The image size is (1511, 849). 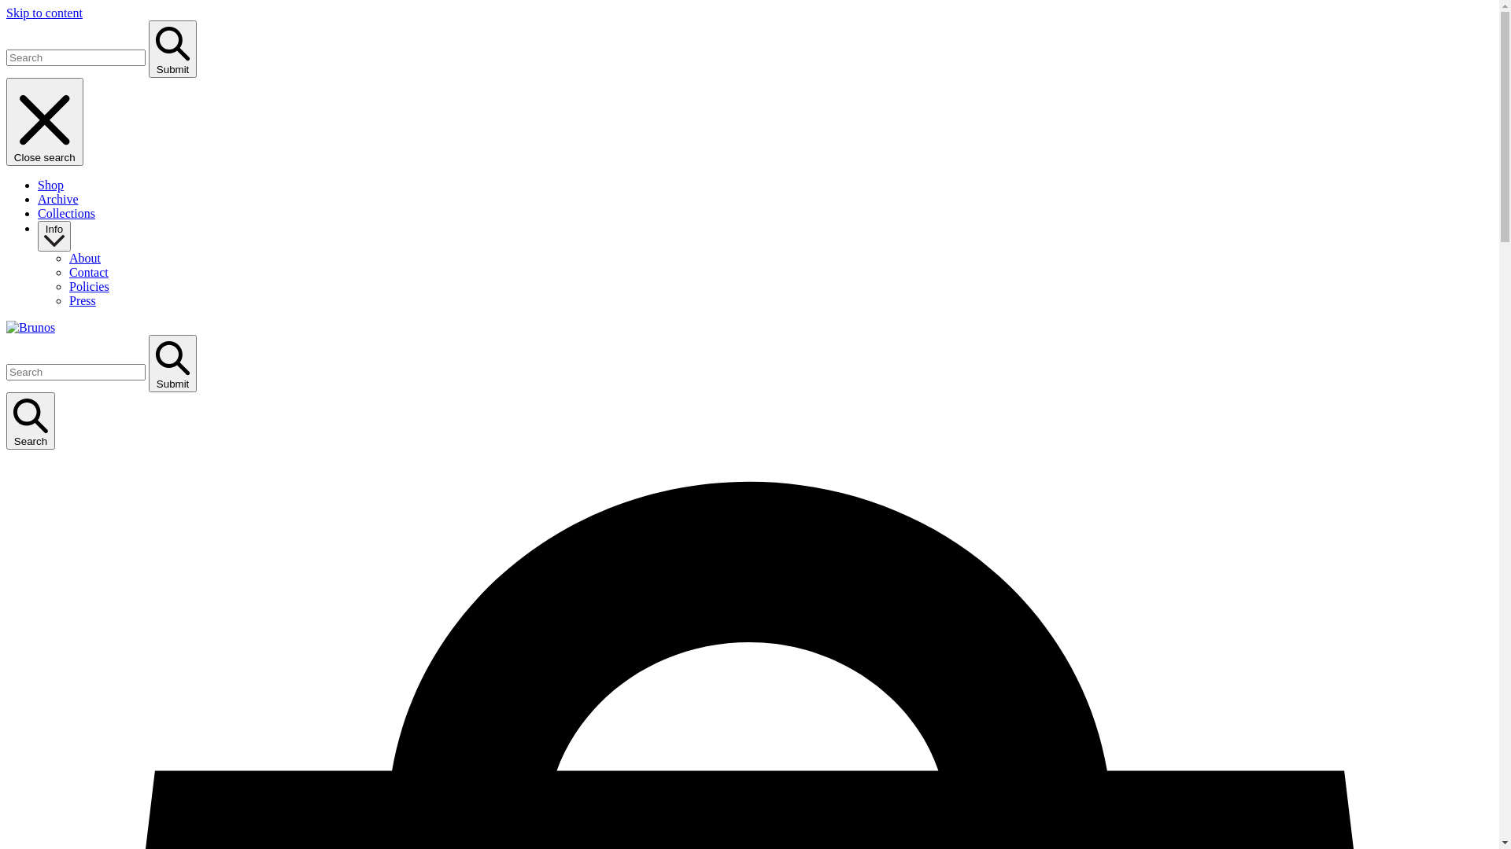 I want to click on 'Archive', so click(x=57, y=198).